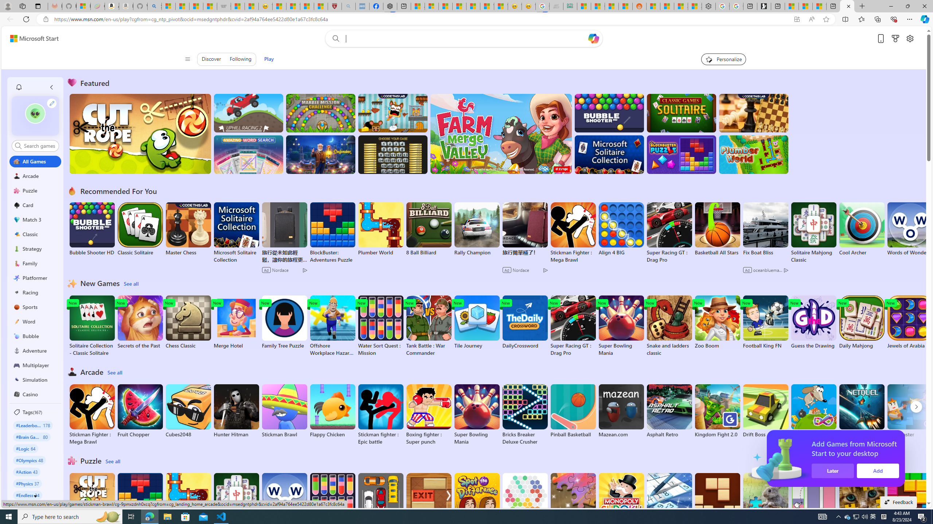  Describe the element at coordinates (477, 229) in the screenshot. I see `'Rally Champion'` at that location.